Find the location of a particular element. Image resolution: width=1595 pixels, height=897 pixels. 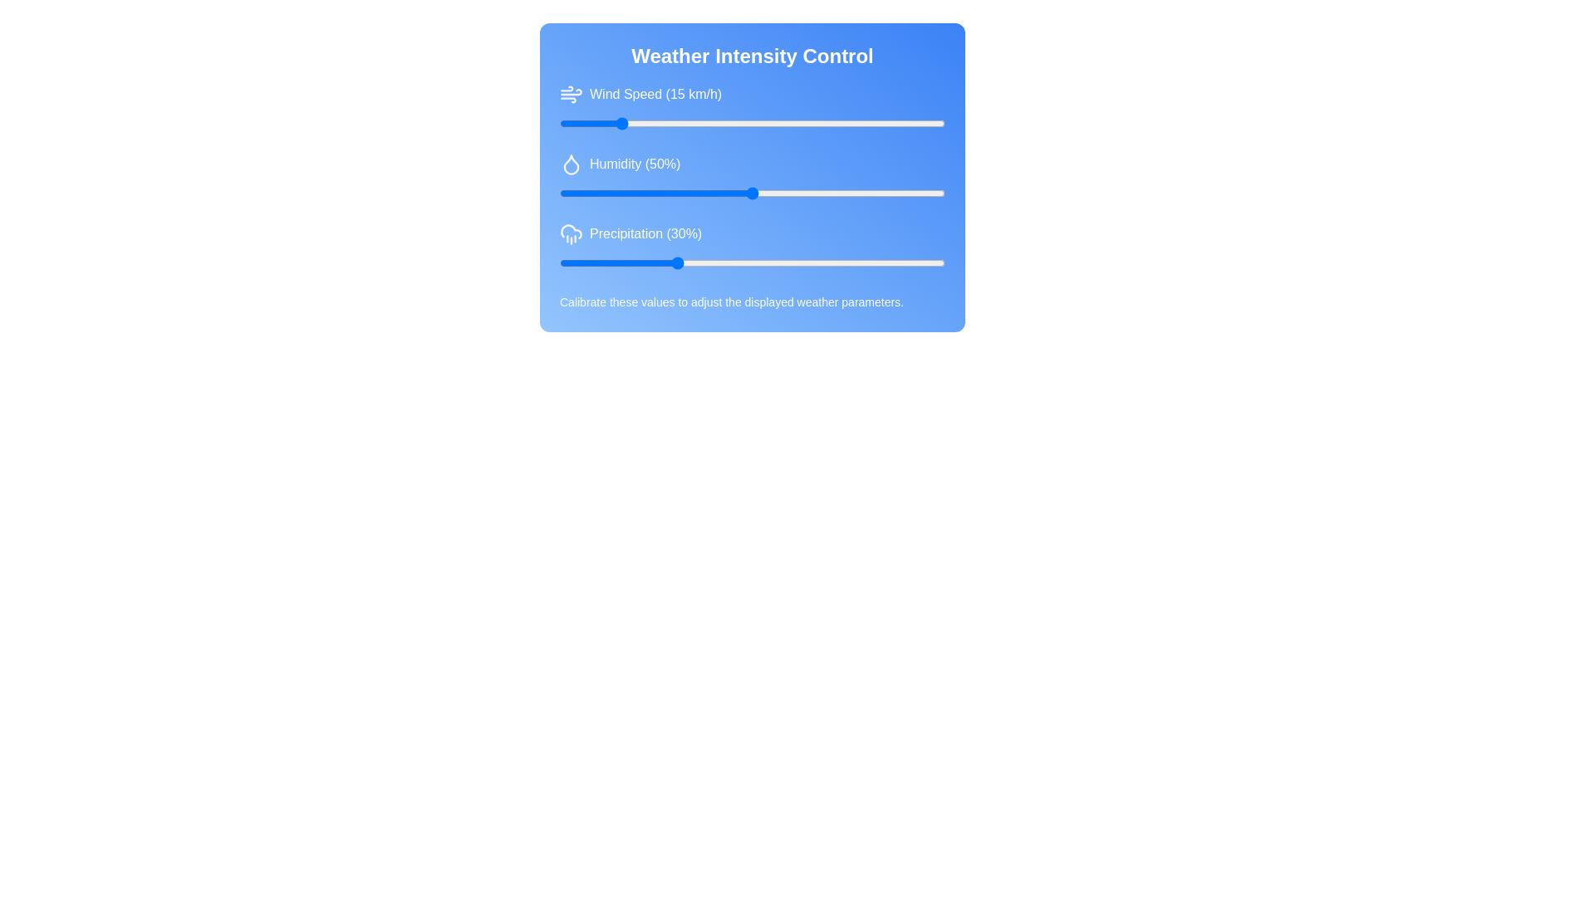

the wind speed is located at coordinates (651, 123).